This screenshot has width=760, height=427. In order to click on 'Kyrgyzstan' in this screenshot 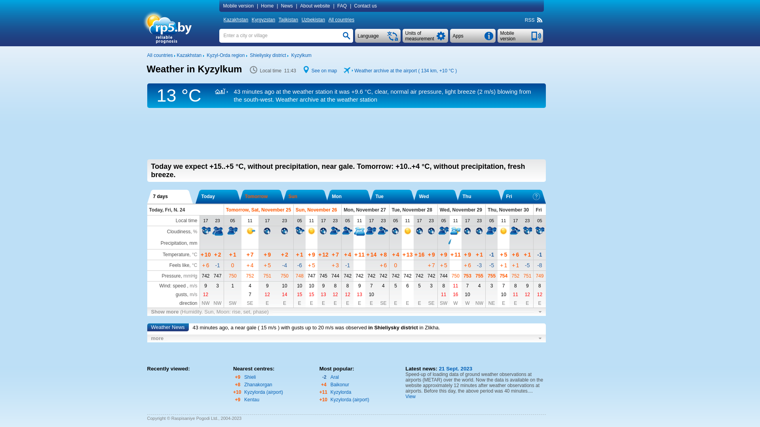, I will do `click(264, 19)`.